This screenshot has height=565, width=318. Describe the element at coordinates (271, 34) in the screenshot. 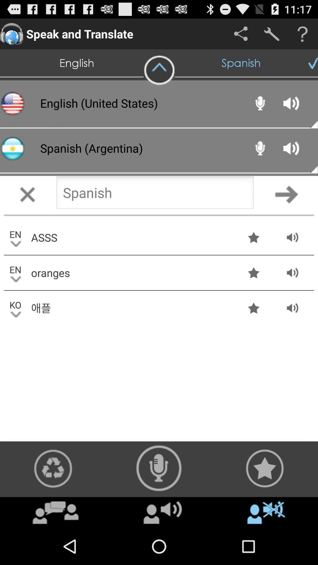

I see `setting` at that location.